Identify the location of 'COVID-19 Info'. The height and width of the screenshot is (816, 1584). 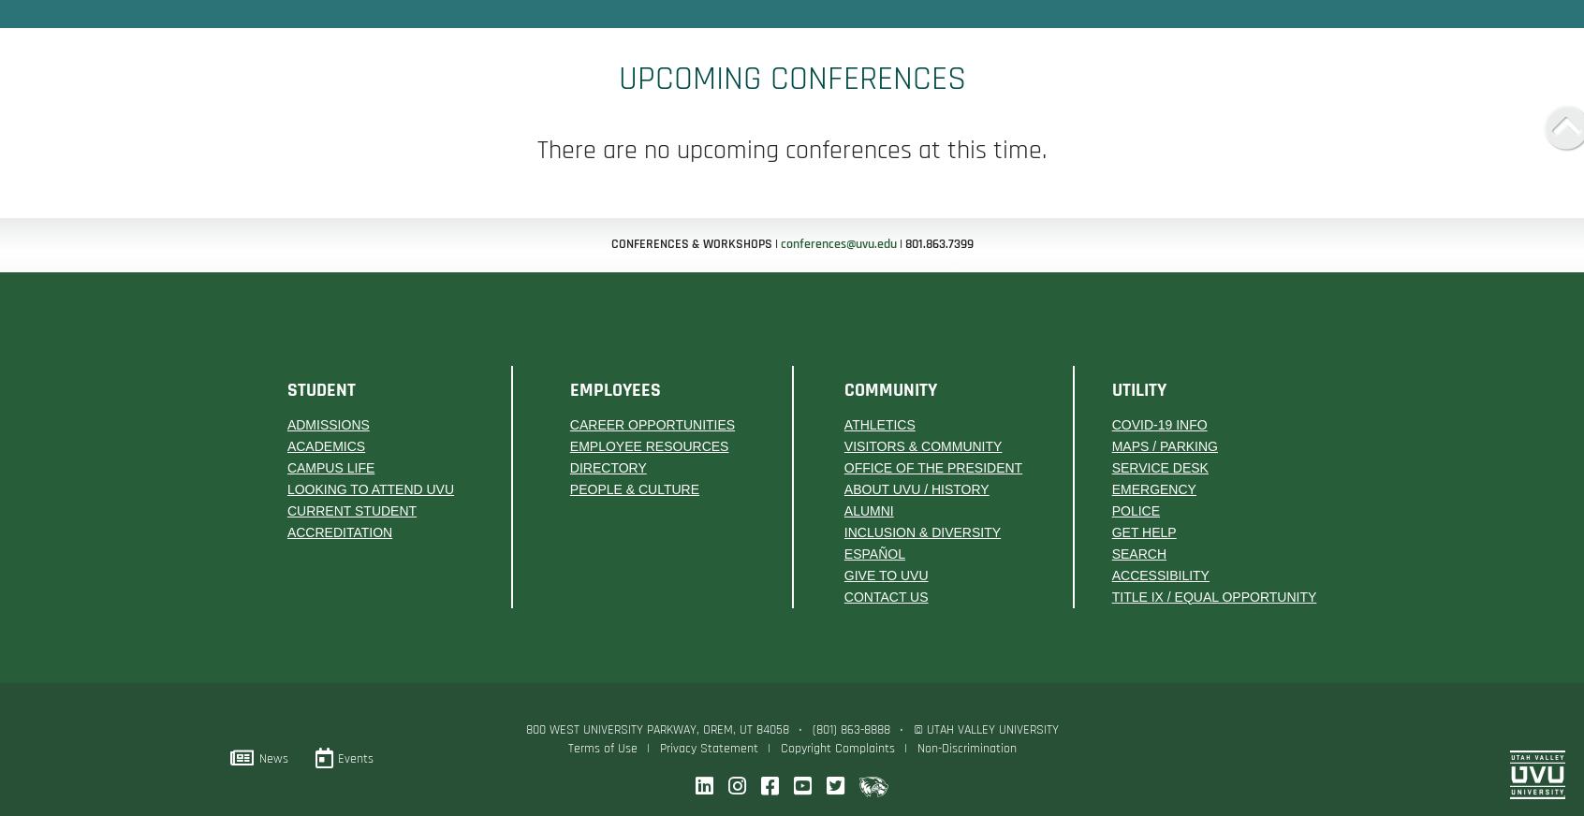
(1109, 423).